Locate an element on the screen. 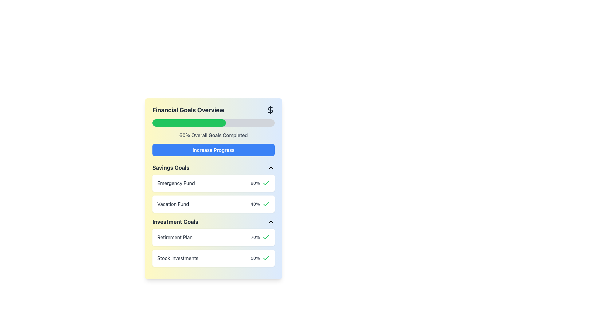  the financial management icon located to the far right of the 'Financial Goals Overview' heading is located at coordinates (270, 110).